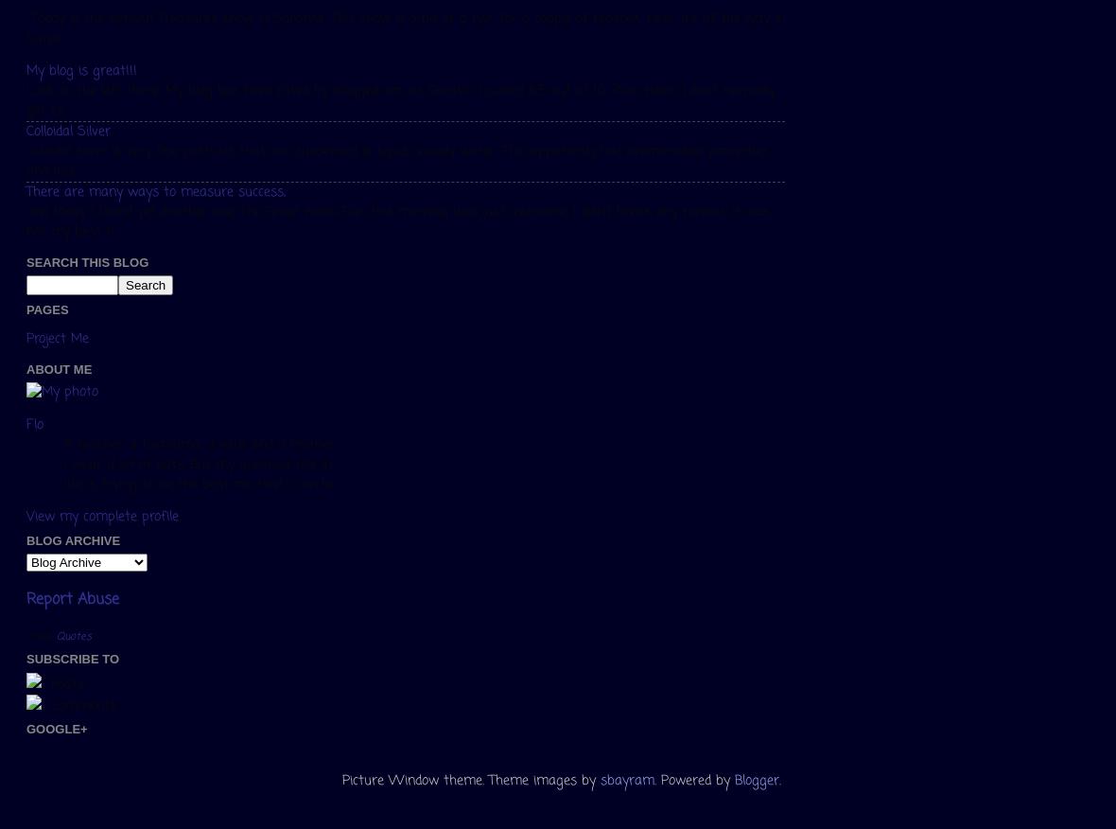  Describe the element at coordinates (57, 338) in the screenshot. I see `'Project Me'` at that location.